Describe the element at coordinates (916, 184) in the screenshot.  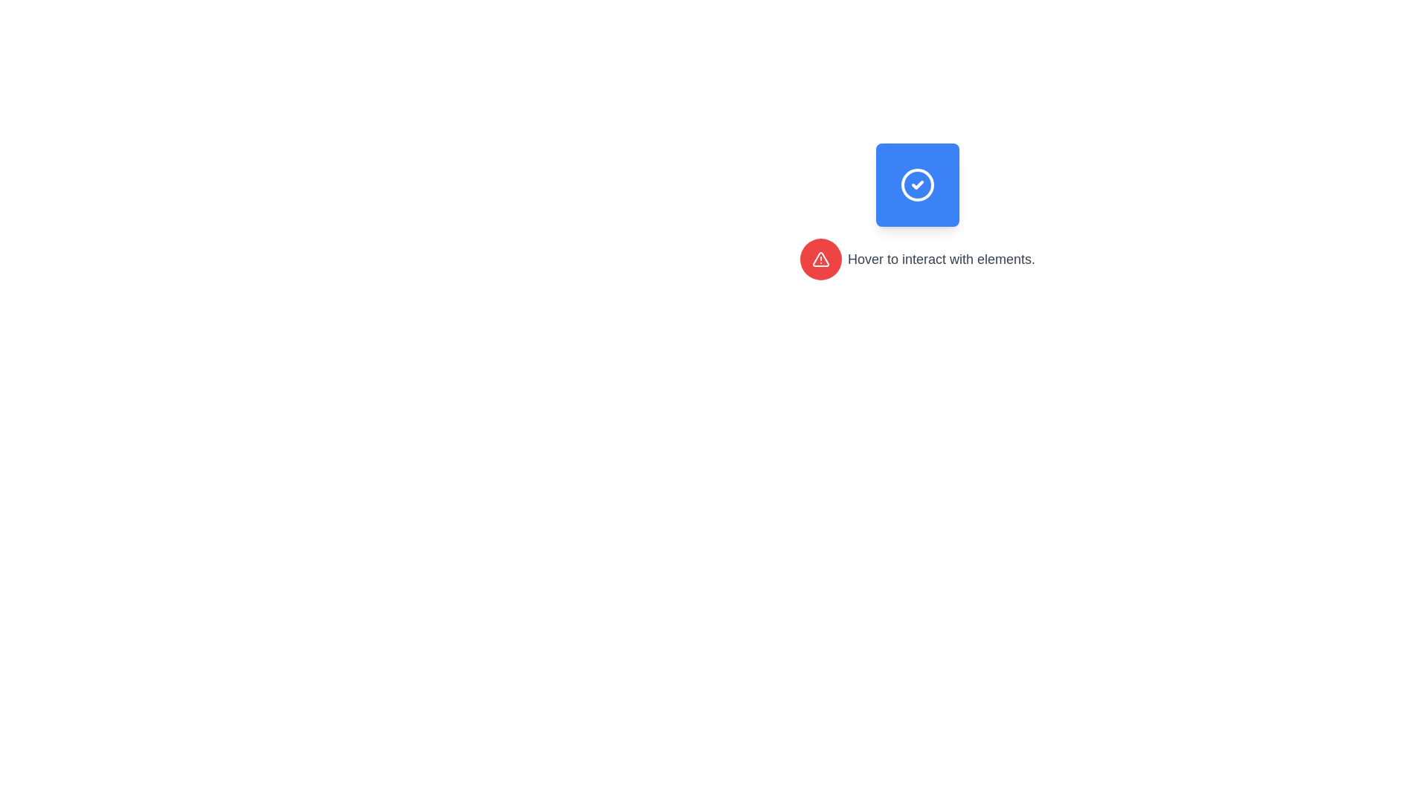
I see `the circular visual element that is white with a blue outline, located centrally within a blue square icon in the top-right quadrant of the interface` at that location.